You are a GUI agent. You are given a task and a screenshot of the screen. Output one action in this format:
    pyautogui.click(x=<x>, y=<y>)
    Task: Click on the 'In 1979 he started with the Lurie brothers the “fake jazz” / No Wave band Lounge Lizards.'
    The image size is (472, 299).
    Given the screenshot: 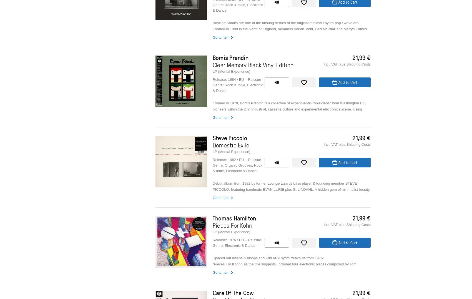 What is the action you would take?
    pyautogui.click(x=284, y=213)
    